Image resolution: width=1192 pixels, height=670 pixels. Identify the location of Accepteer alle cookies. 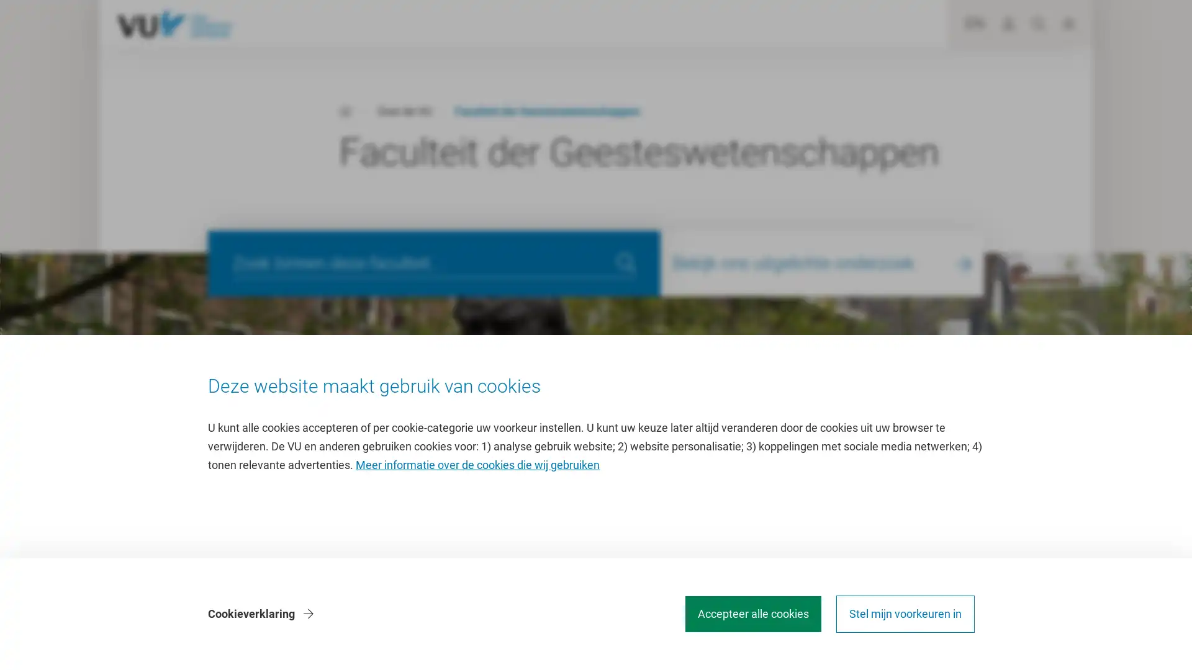
(752, 614).